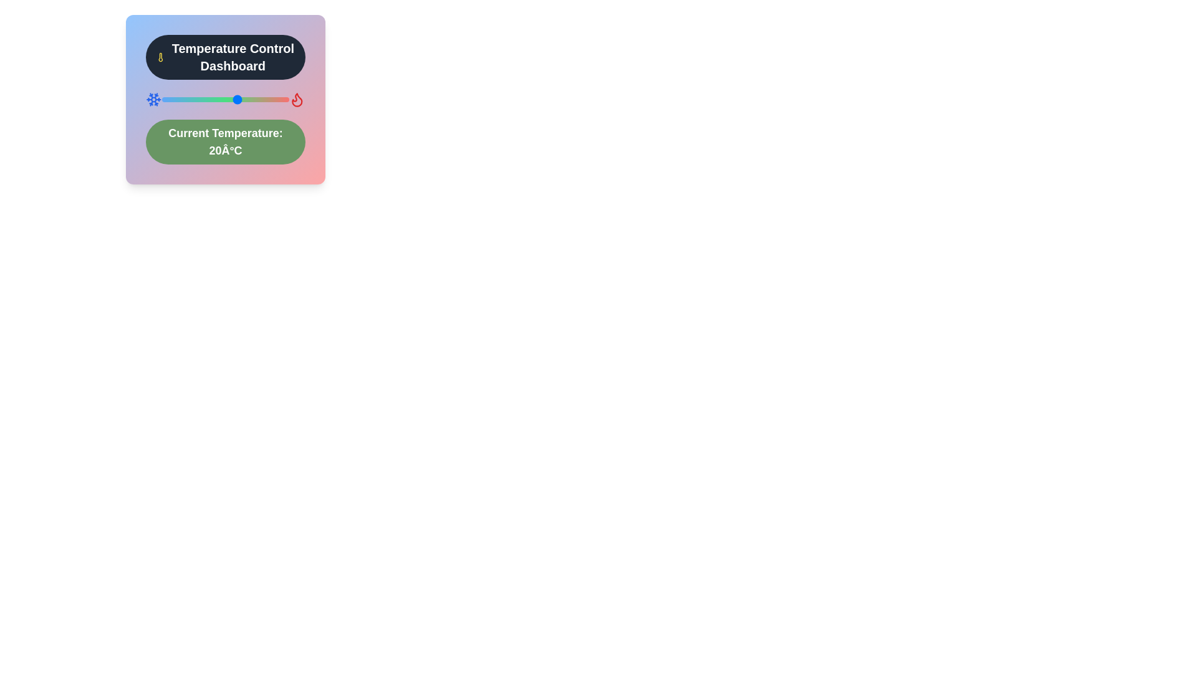  Describe the element at coordinates (153, 98) in the screenshot. I see `the snowflake icon to trigger its associated functionality` at that location.